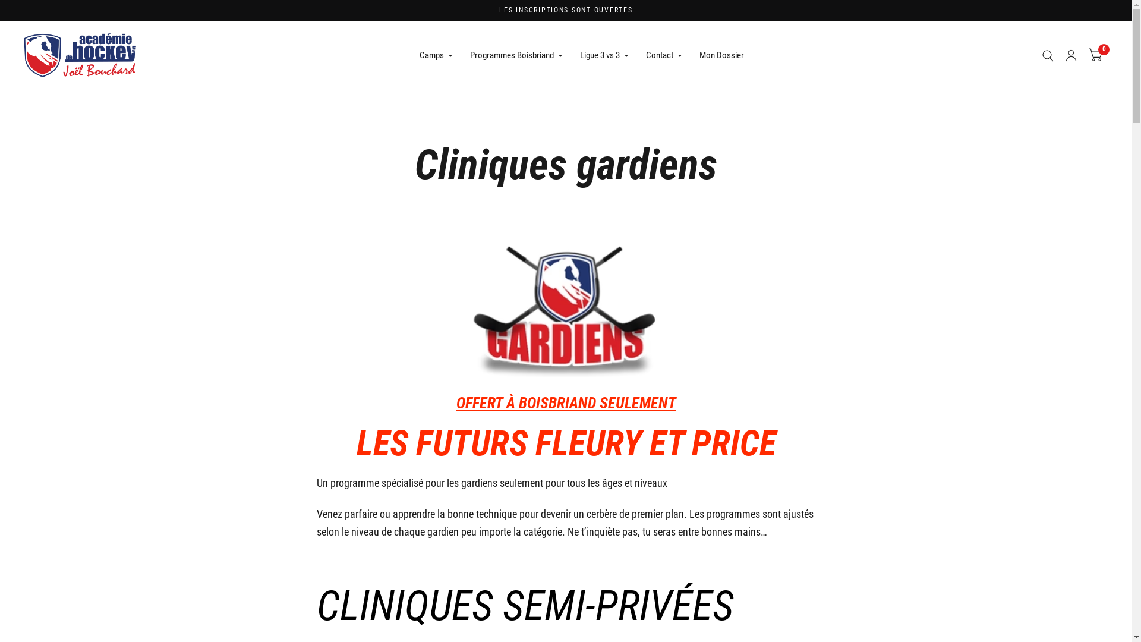 This screenshot has width=1141, height=642. What do you see at coordinates (663, 55) in the screenshot?
I see `'Contact'` at bounding box center [663, 55].